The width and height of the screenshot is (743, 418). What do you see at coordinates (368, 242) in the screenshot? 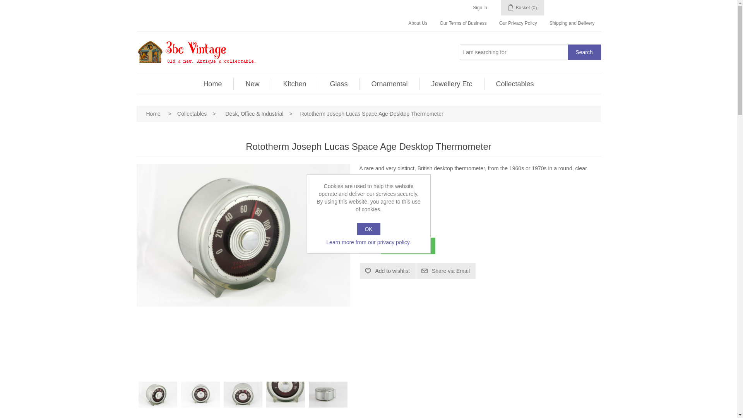
I see `'Learn more from our privacy policy.'` at bounding box center [368, 242].